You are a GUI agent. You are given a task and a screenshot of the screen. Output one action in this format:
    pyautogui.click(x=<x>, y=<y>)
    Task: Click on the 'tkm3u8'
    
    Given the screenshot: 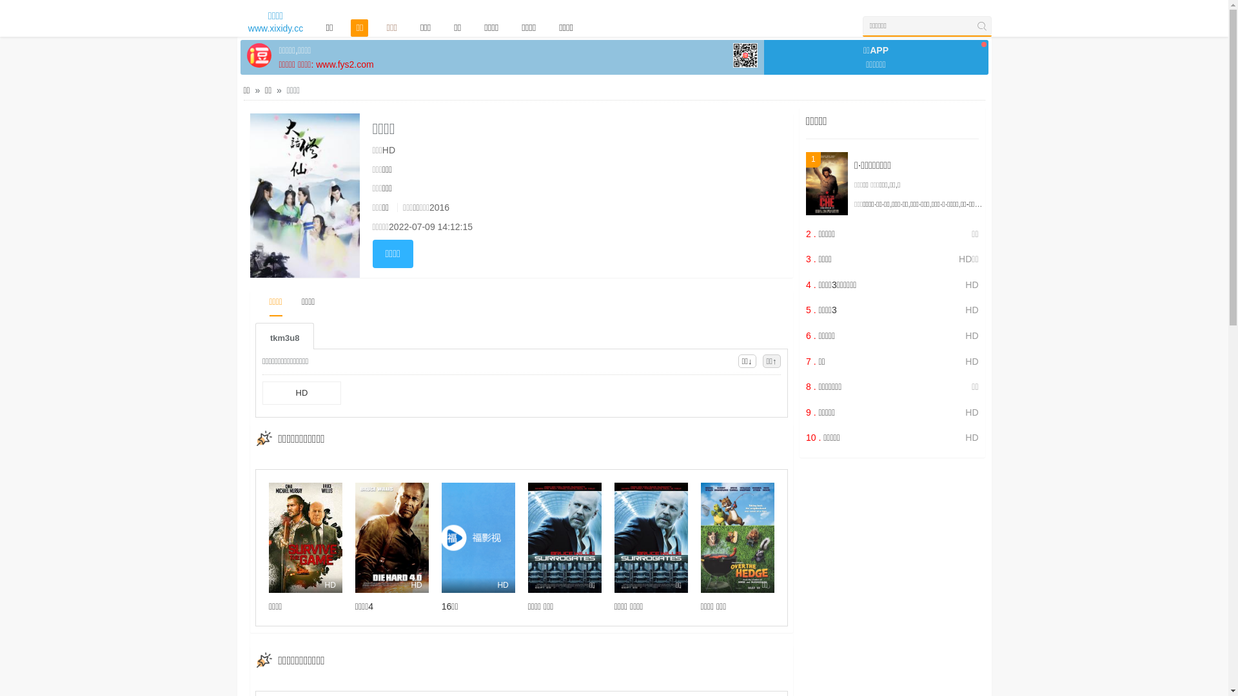 What is the action you would take?
    pyautogui.click(x=255, y=335)
    